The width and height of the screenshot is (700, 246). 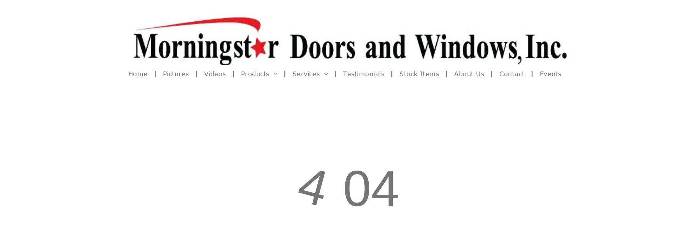 I want to click on 'Andersen vs Weather Shield', so click(x=246, y=225).